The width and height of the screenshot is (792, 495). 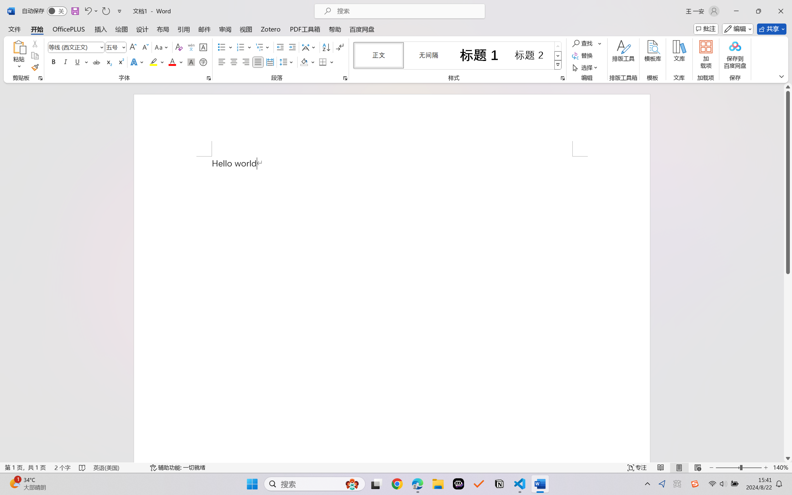 I want to click on 'Class: NetUIScrollBar', so click(x=788, y=273).